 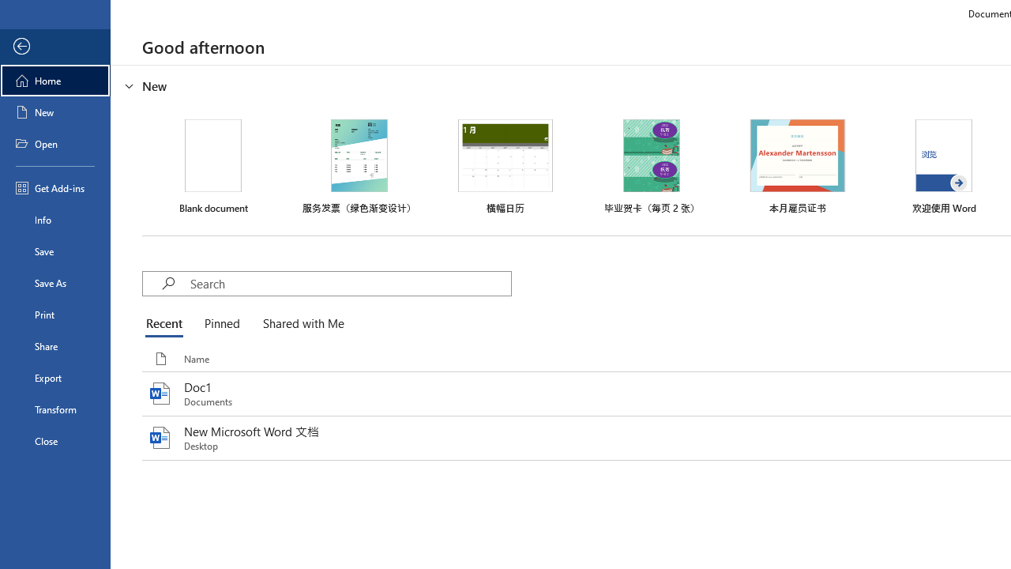 I want to click on 'Open', so click(x=54, y=144).